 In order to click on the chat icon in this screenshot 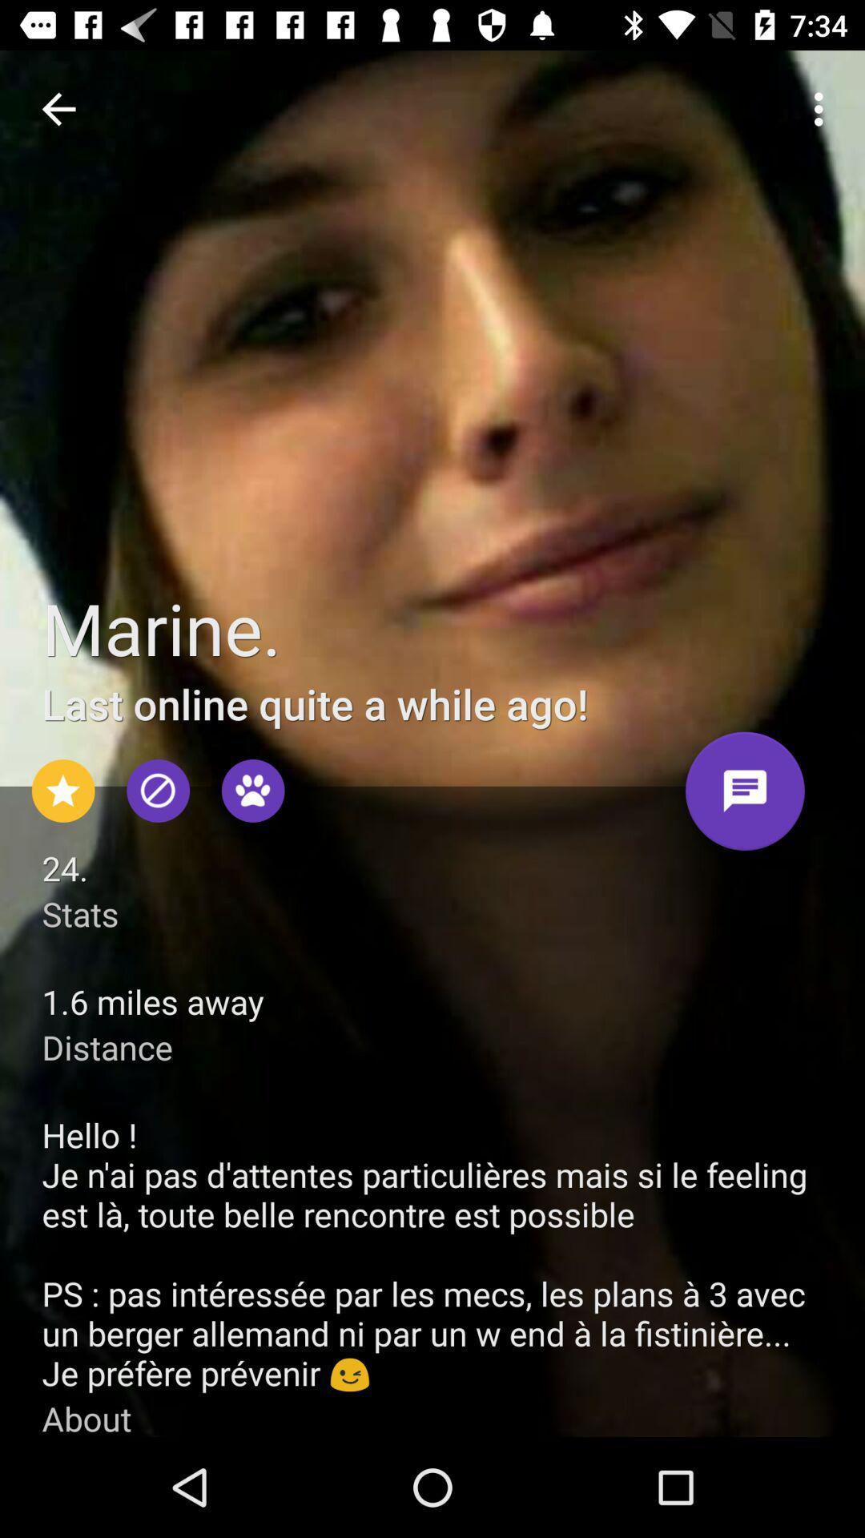, I will do `click(745, 797)`.